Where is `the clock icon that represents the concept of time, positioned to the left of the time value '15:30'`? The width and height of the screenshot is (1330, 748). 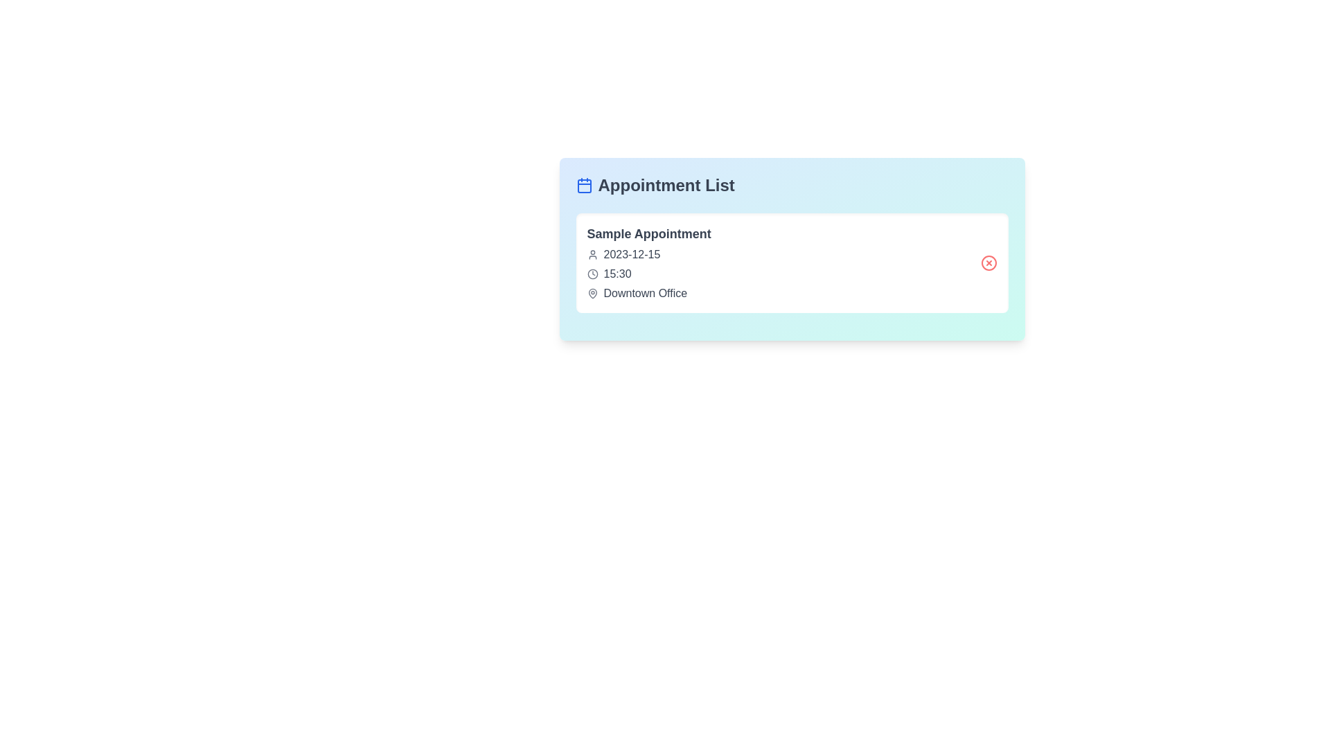
the clock icon that represents the concept of time, positioned to the left of the time value '15:30' is located at coordinates (592, 274).